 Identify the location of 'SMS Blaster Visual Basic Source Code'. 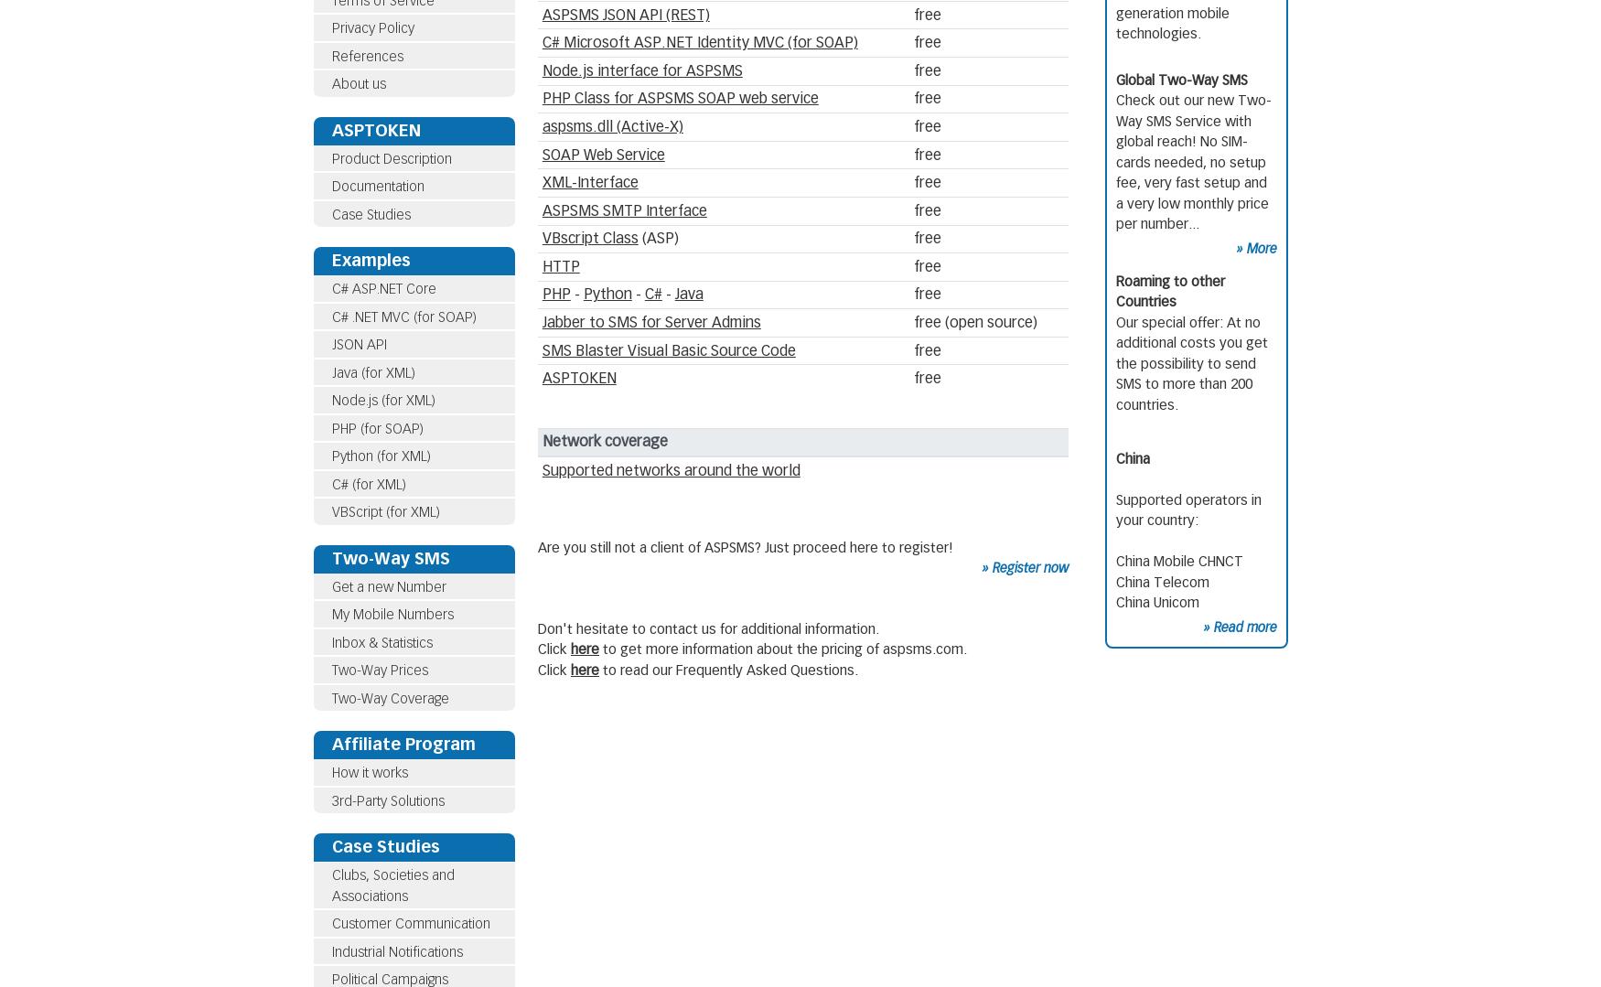
(668, 349).